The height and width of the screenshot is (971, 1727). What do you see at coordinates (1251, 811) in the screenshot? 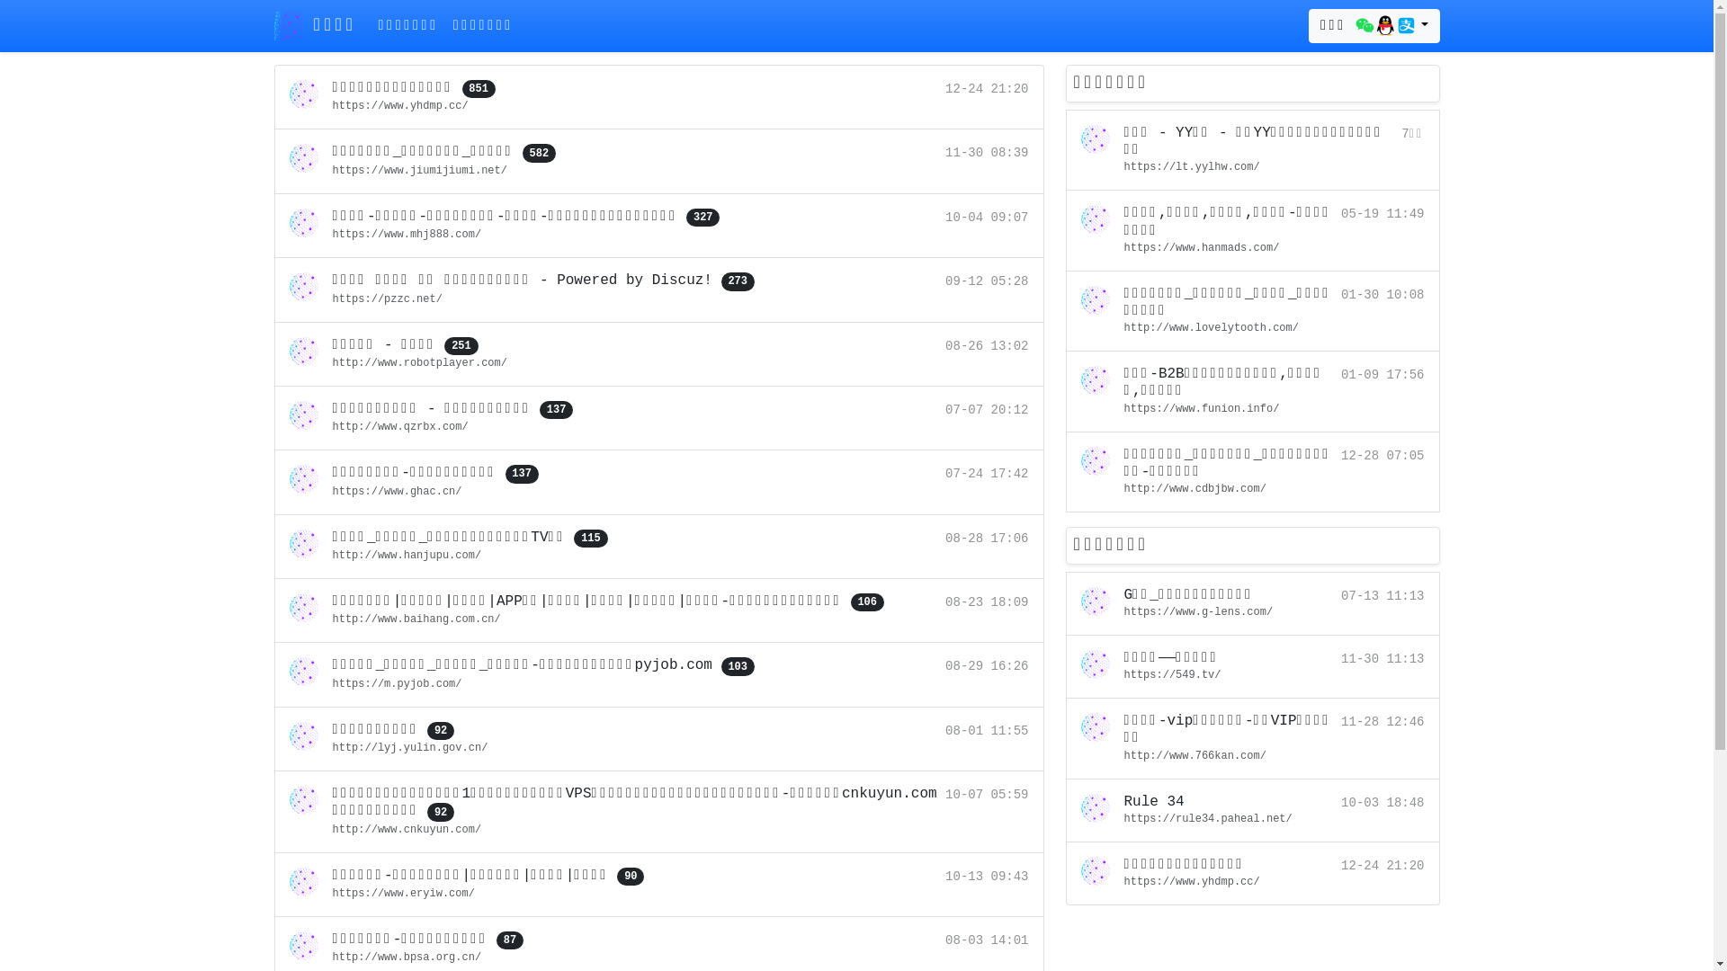
I see `'Rule 34` at bounding box center [1251, 811].